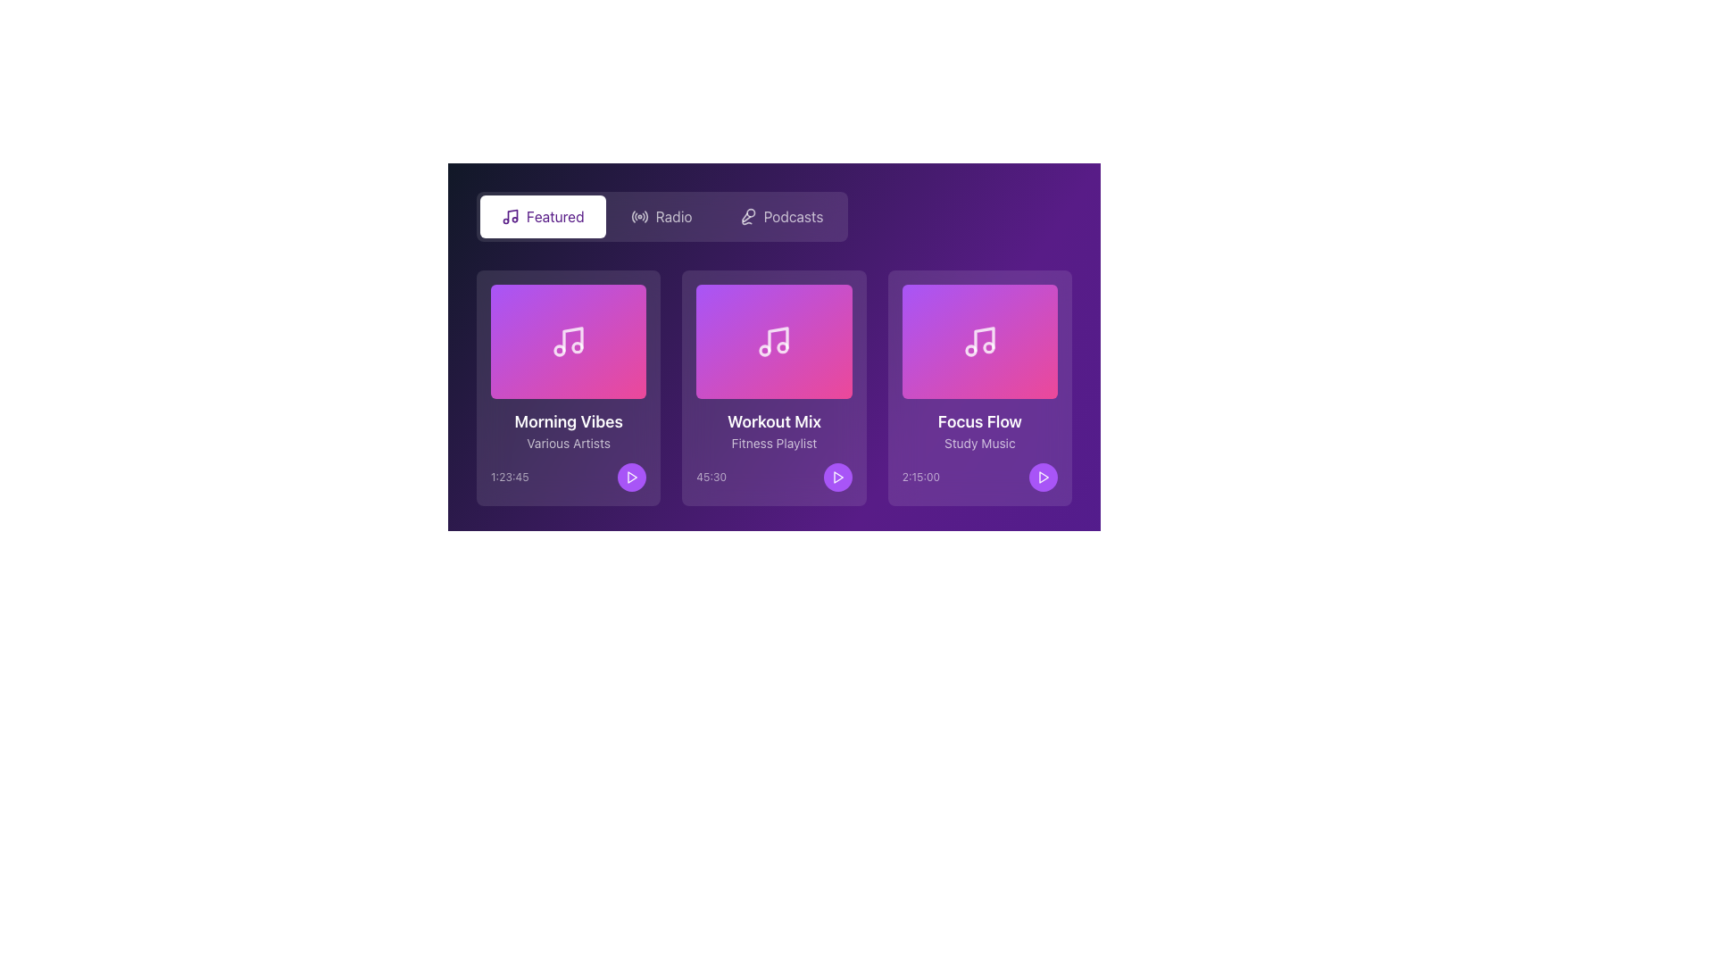  What do you see at coordinates (578, 347) in the screenshot?
I see `the small decorative SVG circle located at the top-right corner of the musical note icon within the 'Morning Vibes' card` at bounding box center [578, 347].